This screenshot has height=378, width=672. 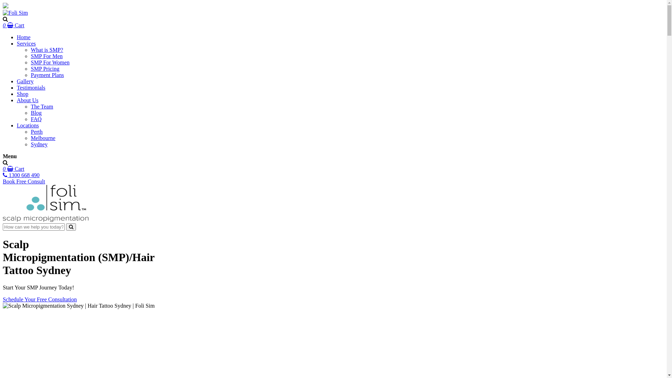 What do you see at coordinates (17, 87) in the screenshot?
I see `'Testimonials'` at bounding box center [17, 87].